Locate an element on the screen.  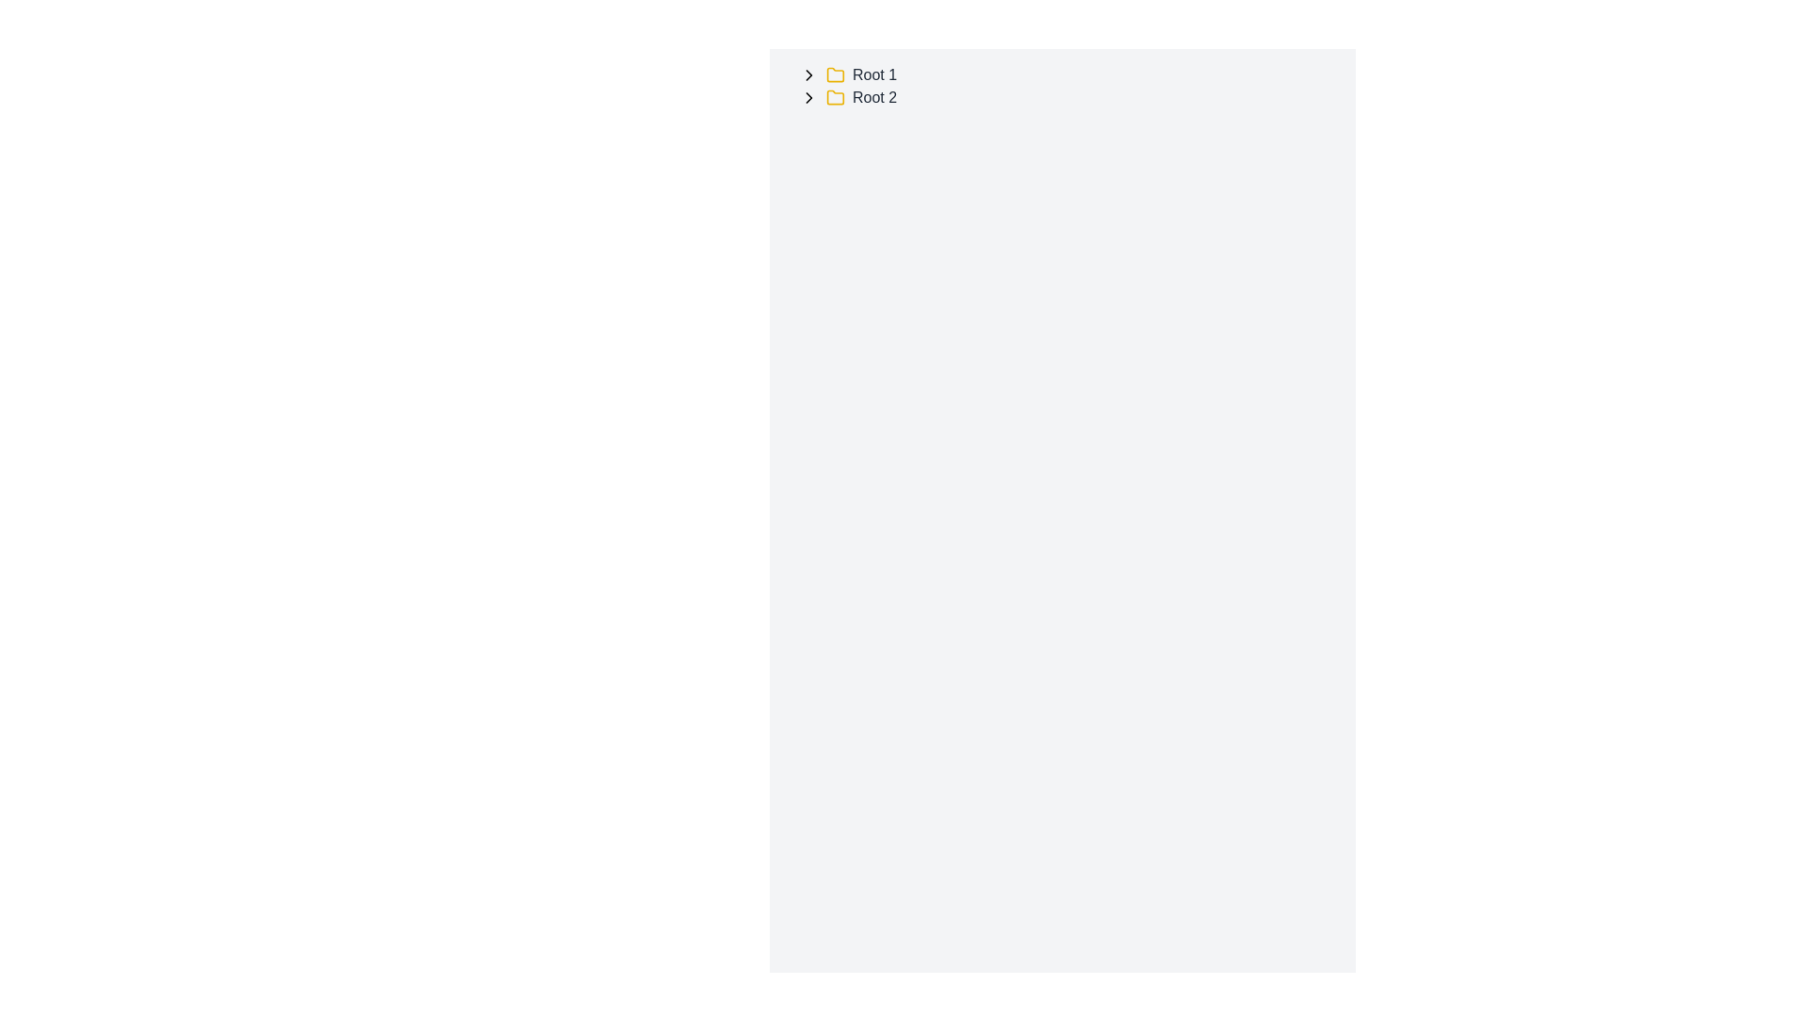
the chevron toggle icon located next to the text 'Root 2' in the hierarchical tree view is located at coordinates (809, 98).